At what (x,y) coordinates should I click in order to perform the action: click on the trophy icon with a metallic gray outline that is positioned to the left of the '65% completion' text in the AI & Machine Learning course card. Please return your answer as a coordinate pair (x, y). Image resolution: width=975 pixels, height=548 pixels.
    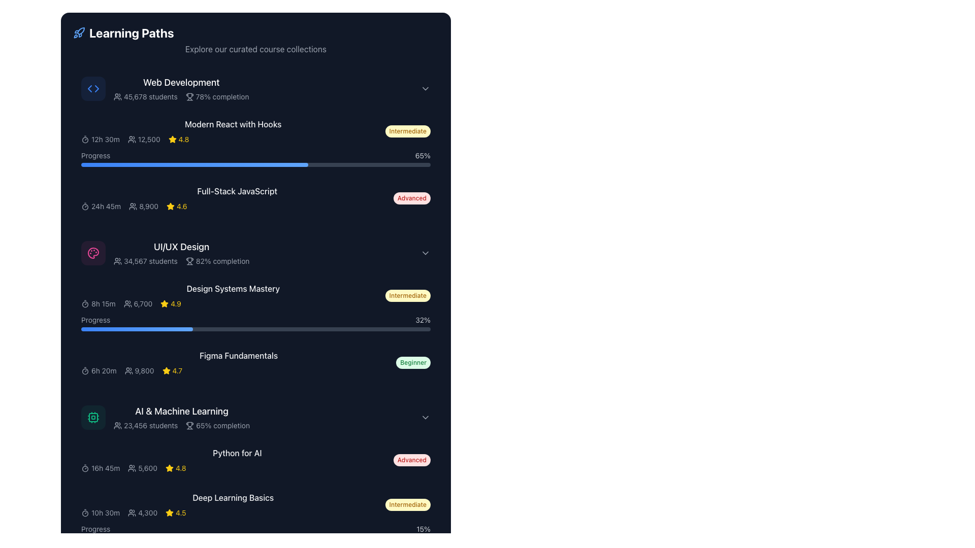
    Looking at the image, I should click on (190, 426).